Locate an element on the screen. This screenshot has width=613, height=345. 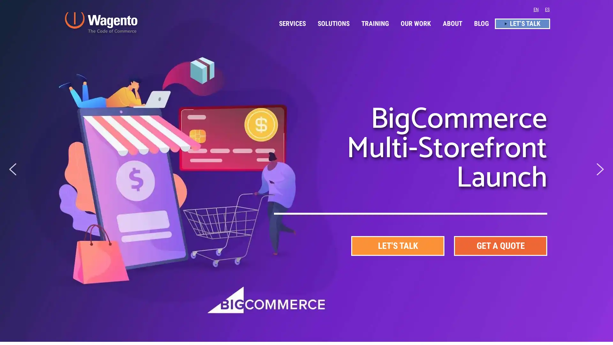
Decline is located at coordinates (422, 51).